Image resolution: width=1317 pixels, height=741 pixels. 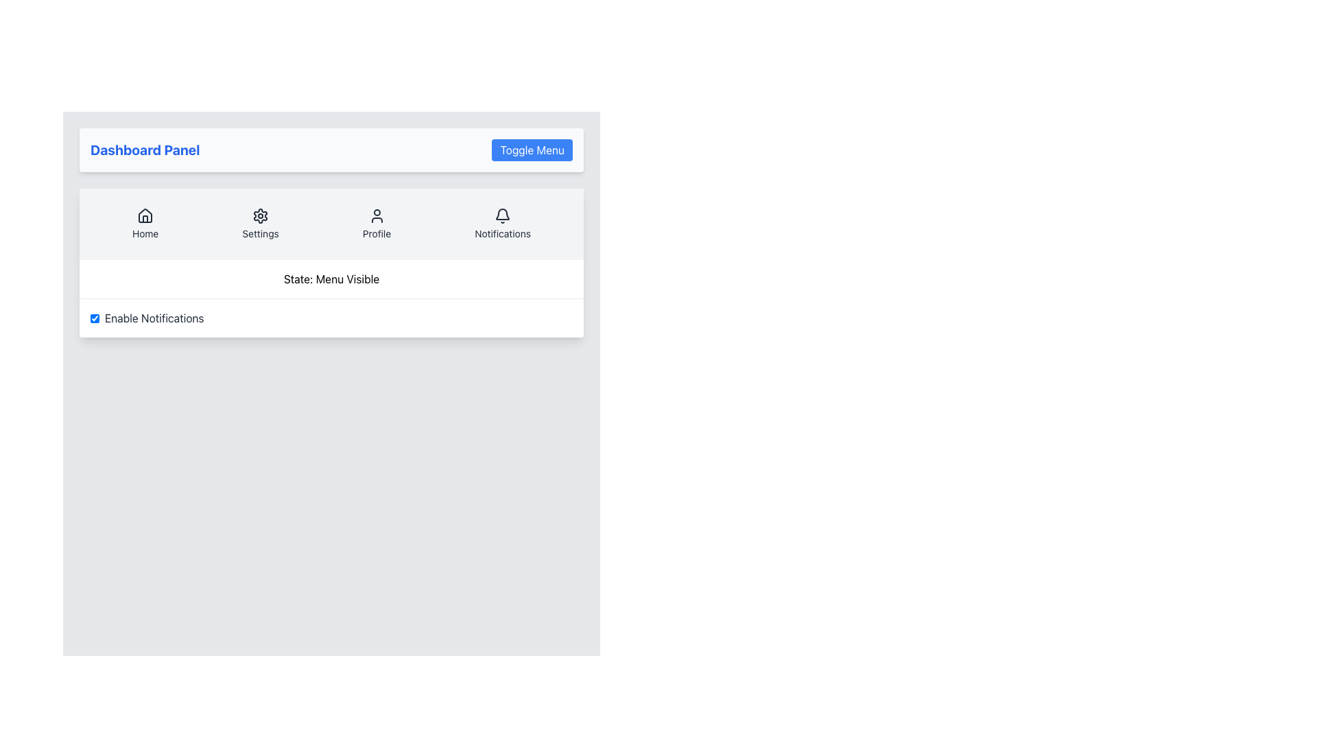 What do you see at coordinates (145, 150) in the screenshot?
I see `the static label or heading at the top-left corner of the panel, which indicates the title or purpose of the panel below` at bounding box center [145, 150].